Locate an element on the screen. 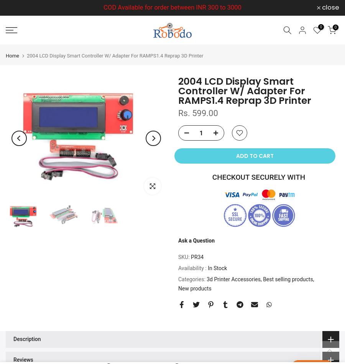  'In Stock' is located at coordinates (217, 268).